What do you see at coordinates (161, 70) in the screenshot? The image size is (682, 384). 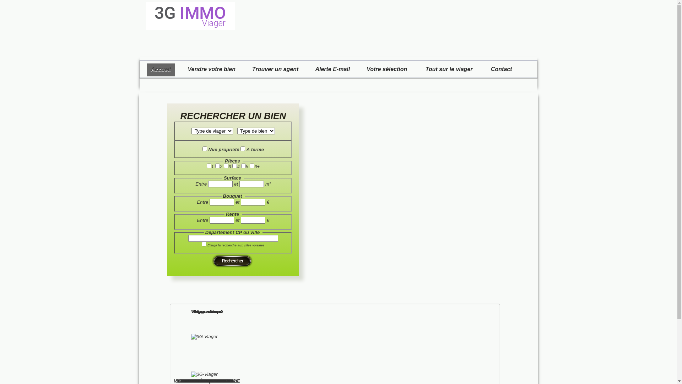 I see `'Accueil'` at bounding box center [161, 70].